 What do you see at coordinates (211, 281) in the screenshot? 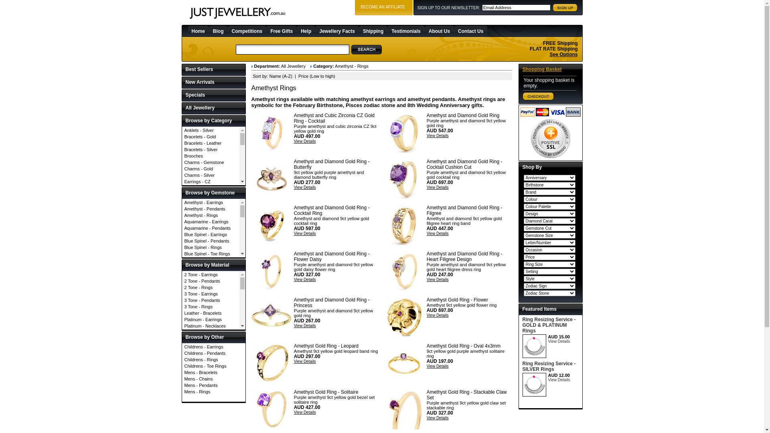
I see `'2 Tone - Pendants'` at bounding box center [211, 281].